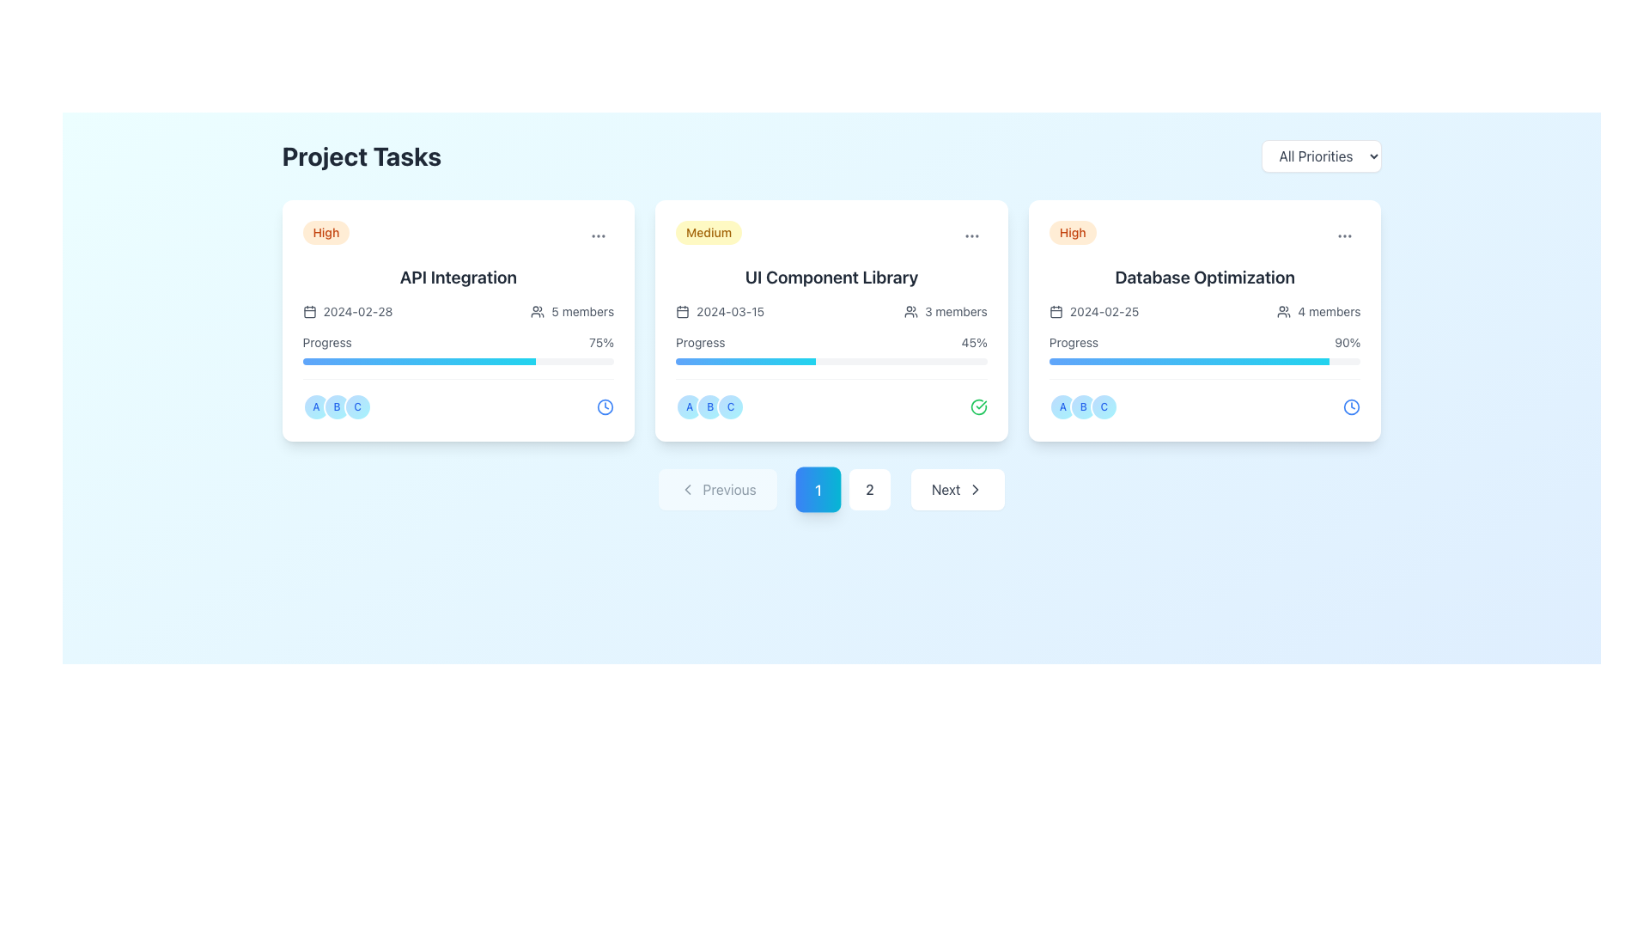 The width and height of the screenshot is (1649, 928). What do you see at coordinates (1189, 360) in the screenshot?
I see `the colored segment of the progress bar indicating 90% completion of the 'Database Optimization' task` at bounding box center [1189, 360].